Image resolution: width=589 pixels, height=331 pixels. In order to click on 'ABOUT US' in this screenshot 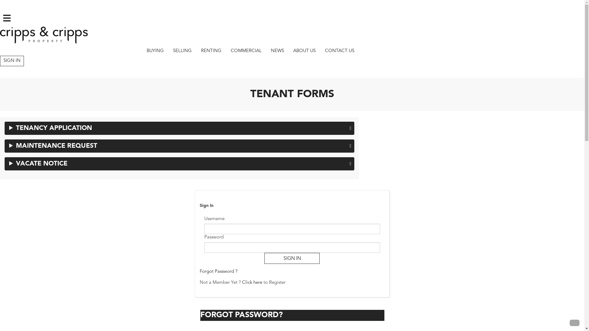, I will do `click(304, 51)`.